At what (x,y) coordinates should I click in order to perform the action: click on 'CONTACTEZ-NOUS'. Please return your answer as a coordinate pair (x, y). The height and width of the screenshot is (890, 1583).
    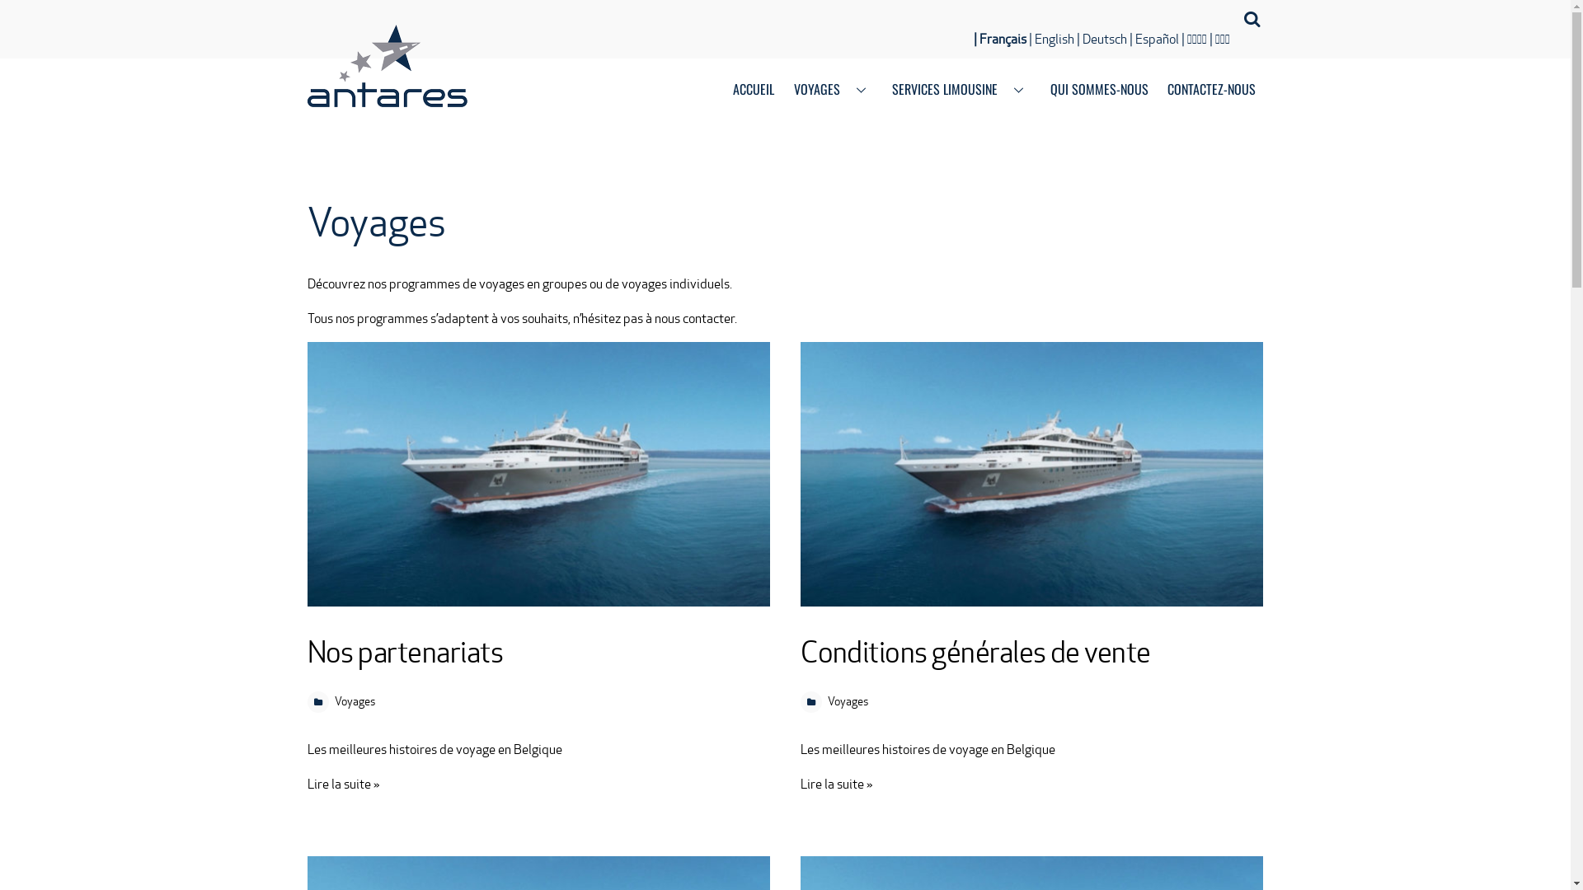
    Looking at the image, I should click on (1210, 91).